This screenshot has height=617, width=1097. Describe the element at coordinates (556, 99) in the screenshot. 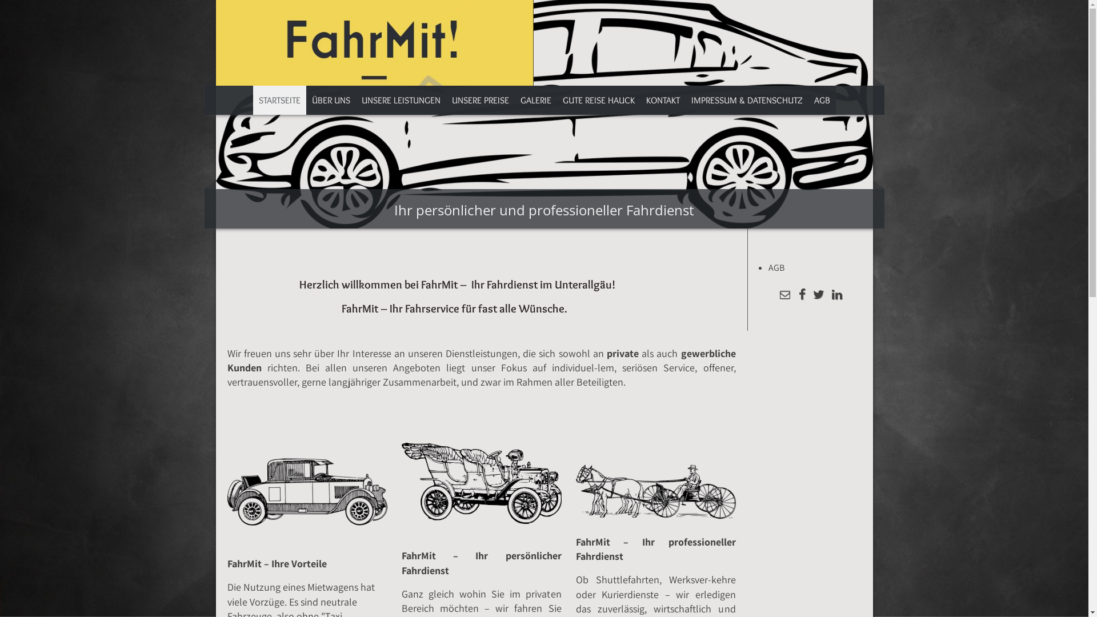

I see `'GUTE REISE HAUCK'` at that location.